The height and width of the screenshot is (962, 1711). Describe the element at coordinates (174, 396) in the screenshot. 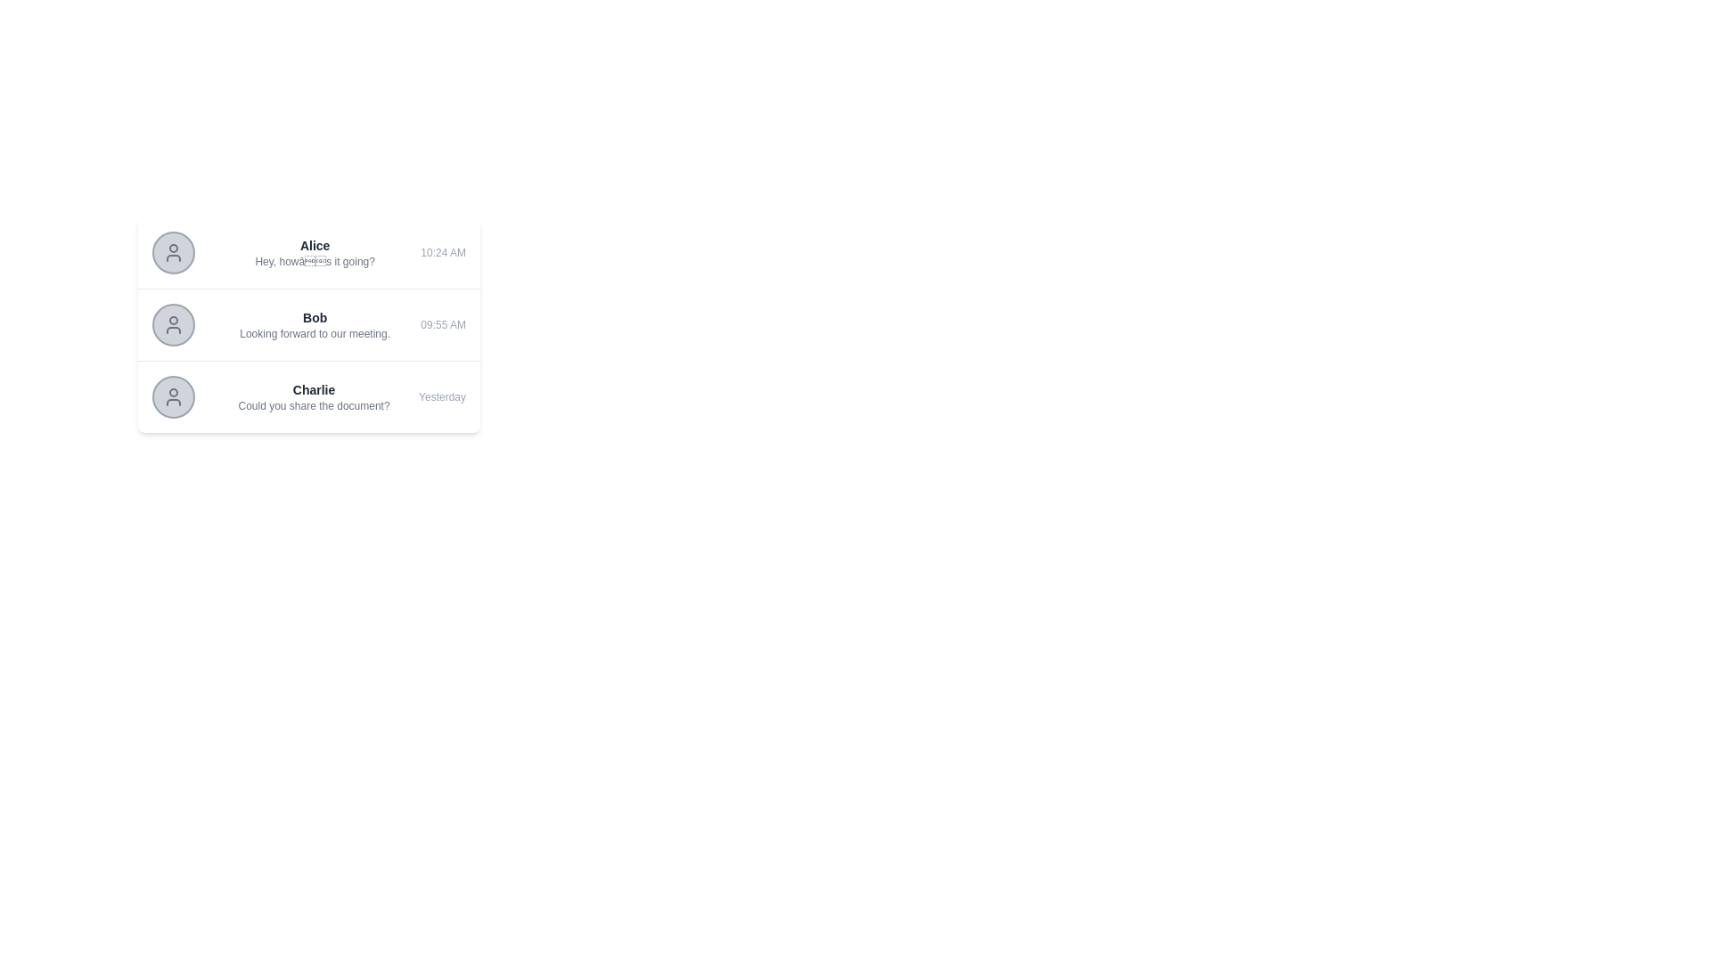

I see `the User Avatar Icon, which is a circular icon with a gray background and a user profile silhouette, located at the leftmost part of a conversation snippet attributed to the user 'Charlie'` at that location.